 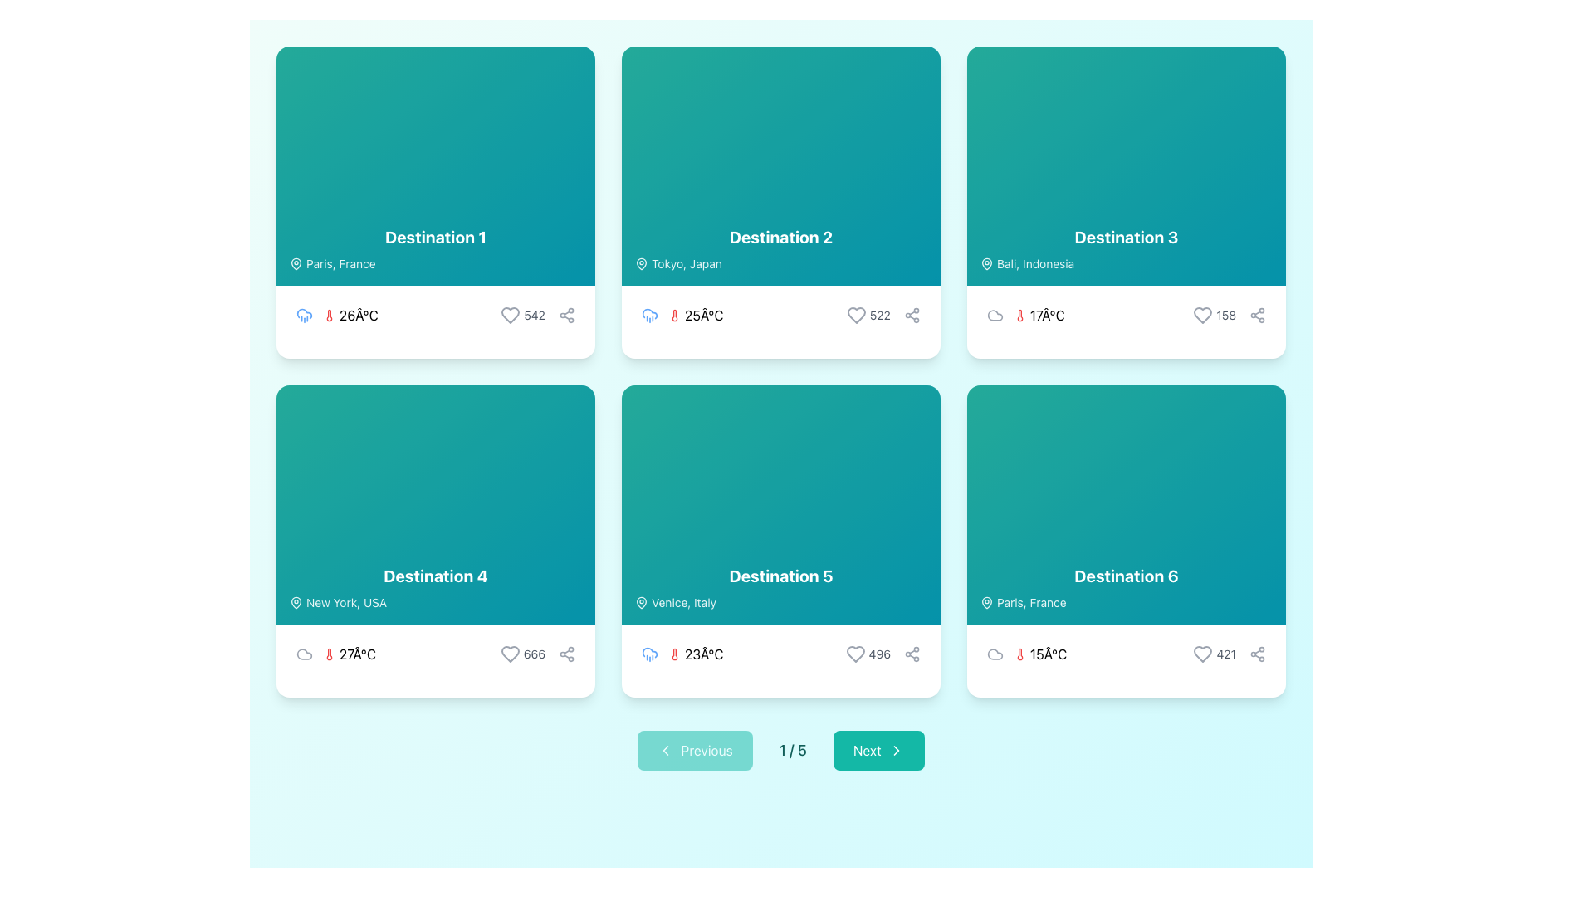 I want to click on the blue cloud icon with rain, located in the 'Destination 5' card to the left of '23°C', to get more detailed weather information, so click(x=648, y=653).